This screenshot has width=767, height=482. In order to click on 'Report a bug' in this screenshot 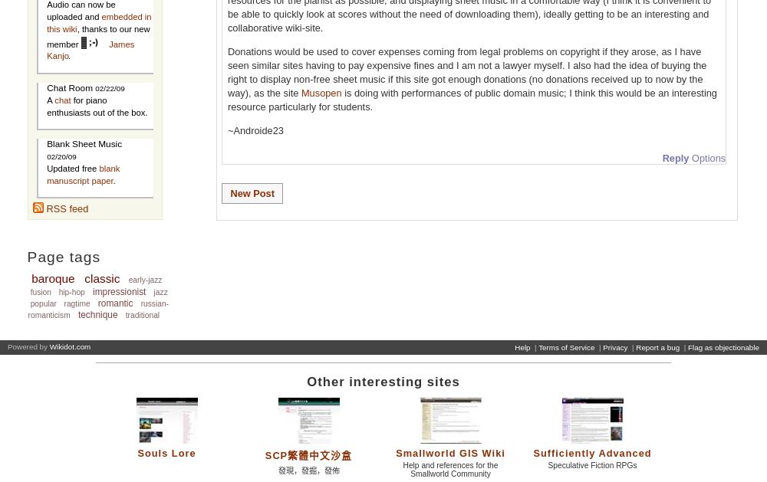, I will do `click(657, 346)`.